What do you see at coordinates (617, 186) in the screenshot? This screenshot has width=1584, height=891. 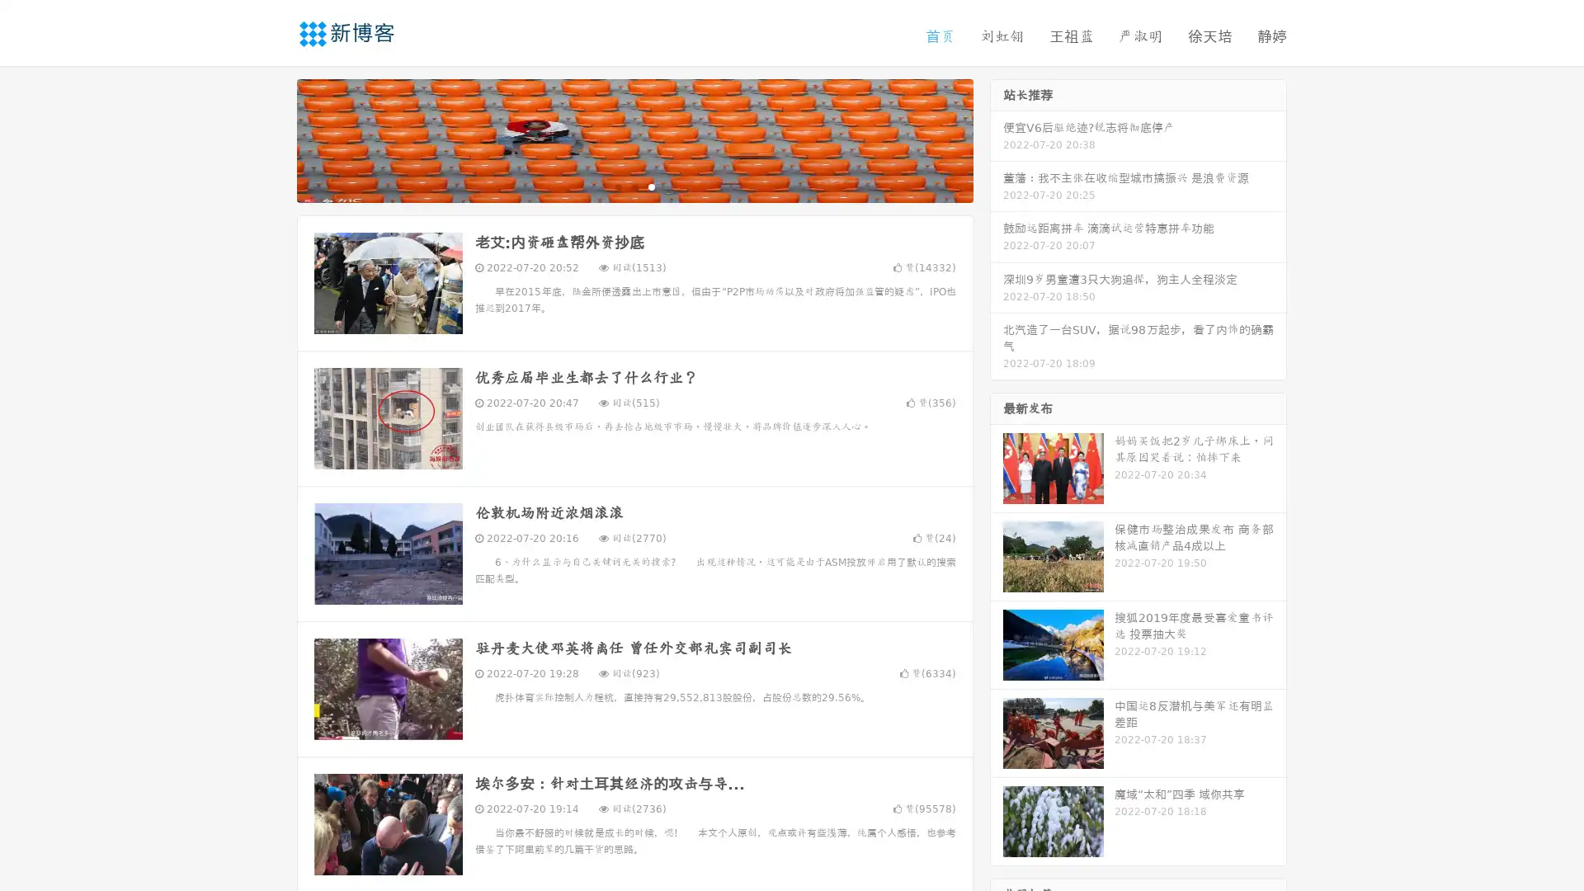 I see `Go to slide 1` at bounding box center [617, 186].